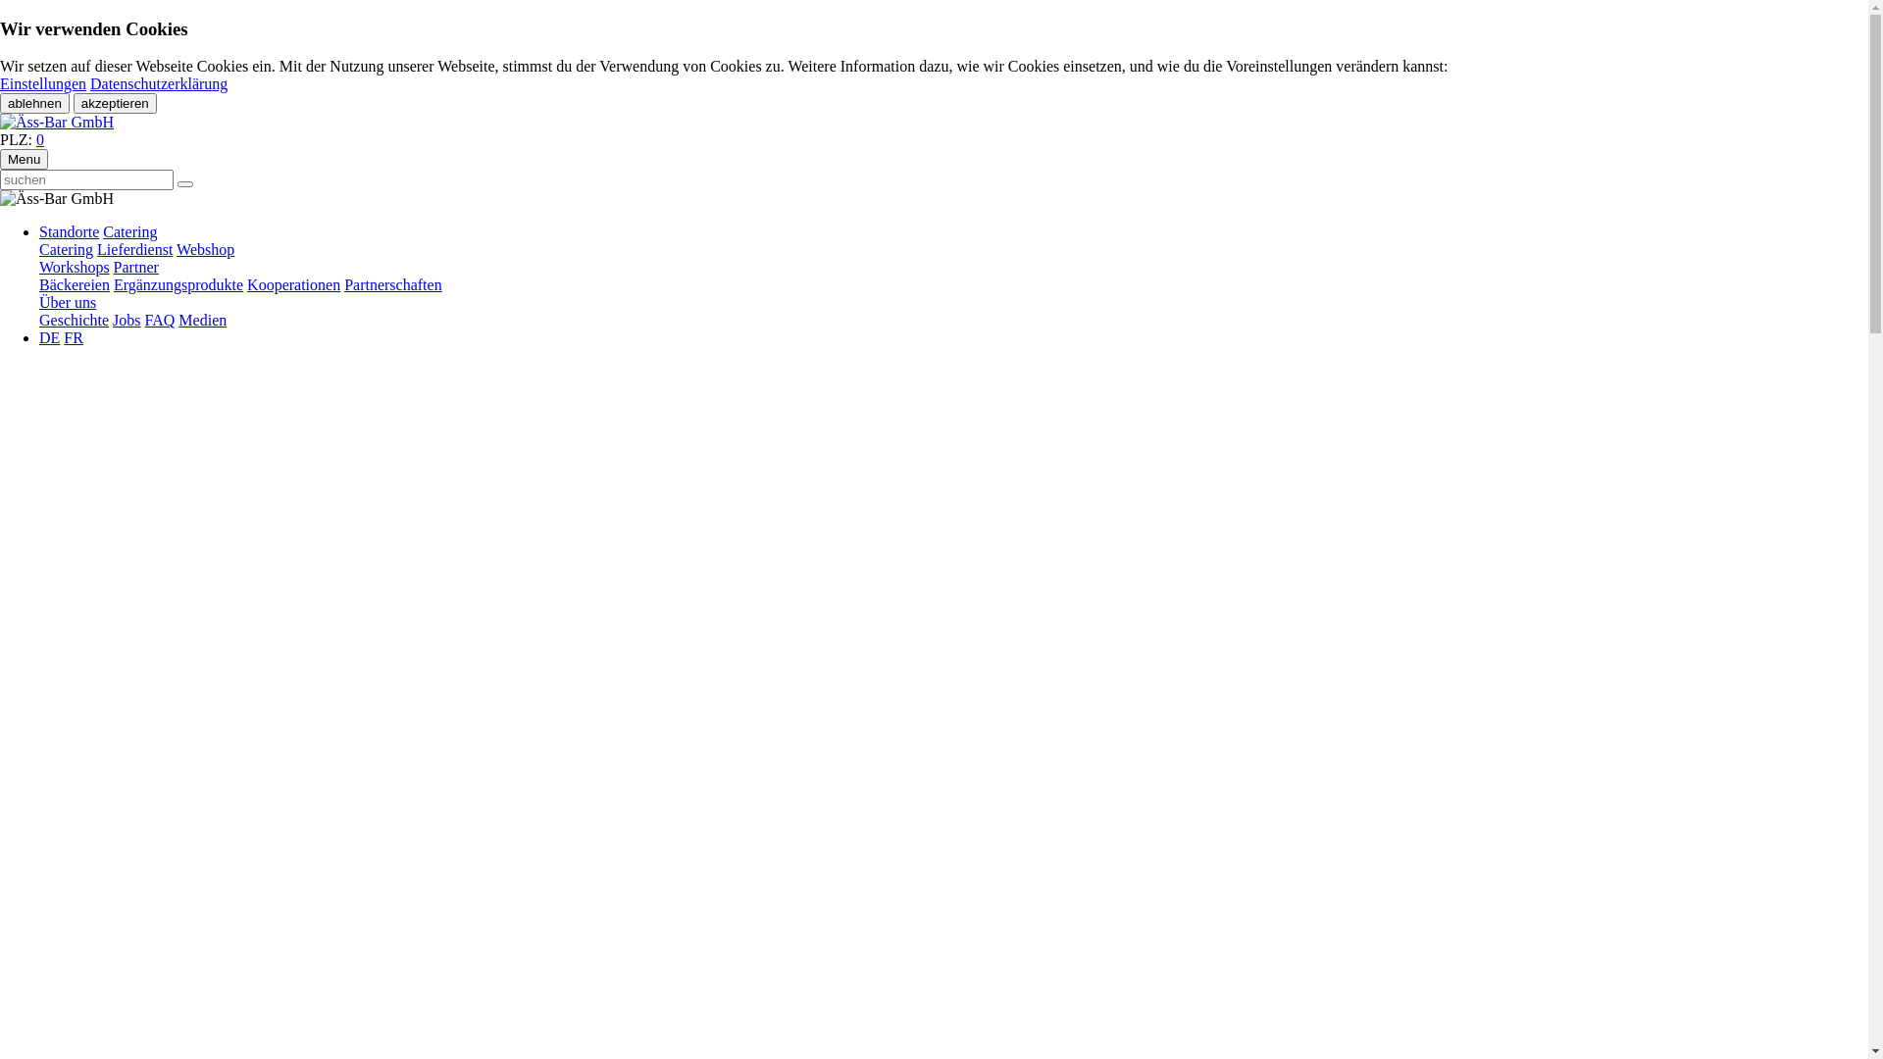 The image size is (1883, 1059). What do you see at coordinates (128, 230) in the screenshot?
I see `'Catering'` at bounding box center [128, 230].